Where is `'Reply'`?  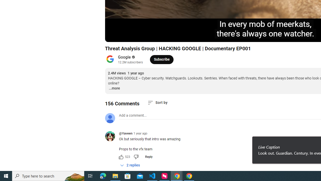 'Reply' is located at coordinates (148, 156).